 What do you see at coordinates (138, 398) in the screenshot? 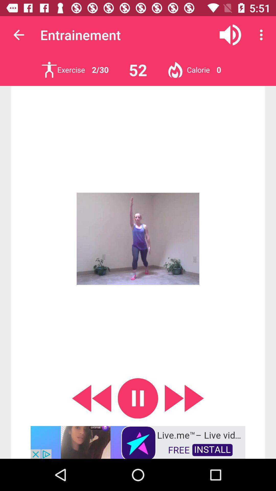
I see `video` at bounding box center [138, 398].